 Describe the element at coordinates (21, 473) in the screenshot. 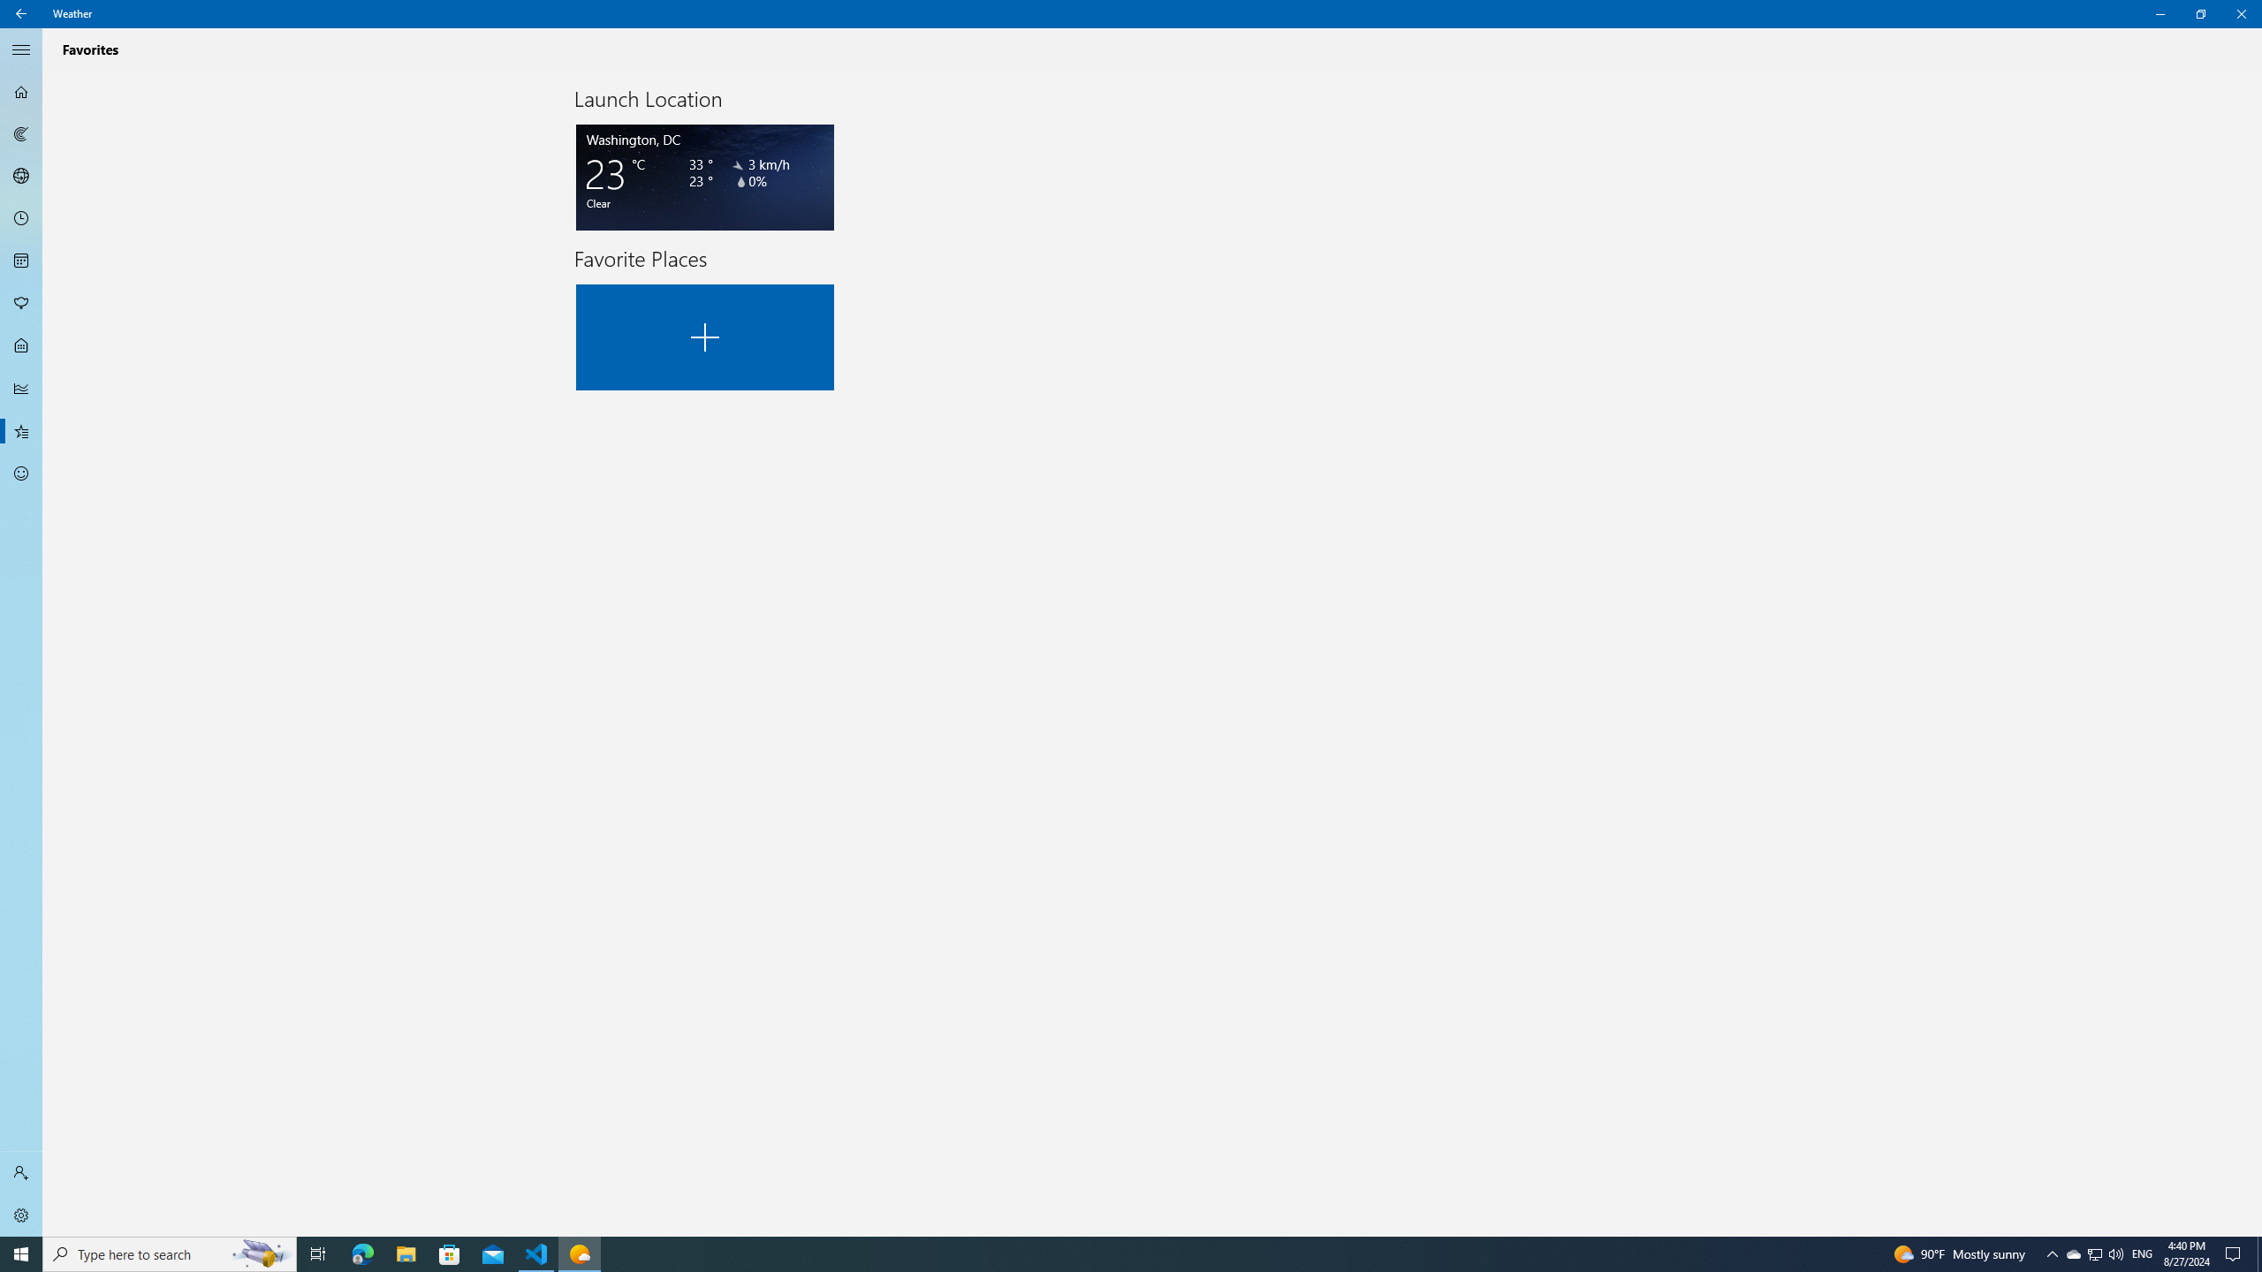

I see `'Send Feedback - Not Selected'` at that location.